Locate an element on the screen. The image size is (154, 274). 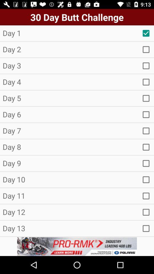
empty box option is located at coordinates (146, 228).